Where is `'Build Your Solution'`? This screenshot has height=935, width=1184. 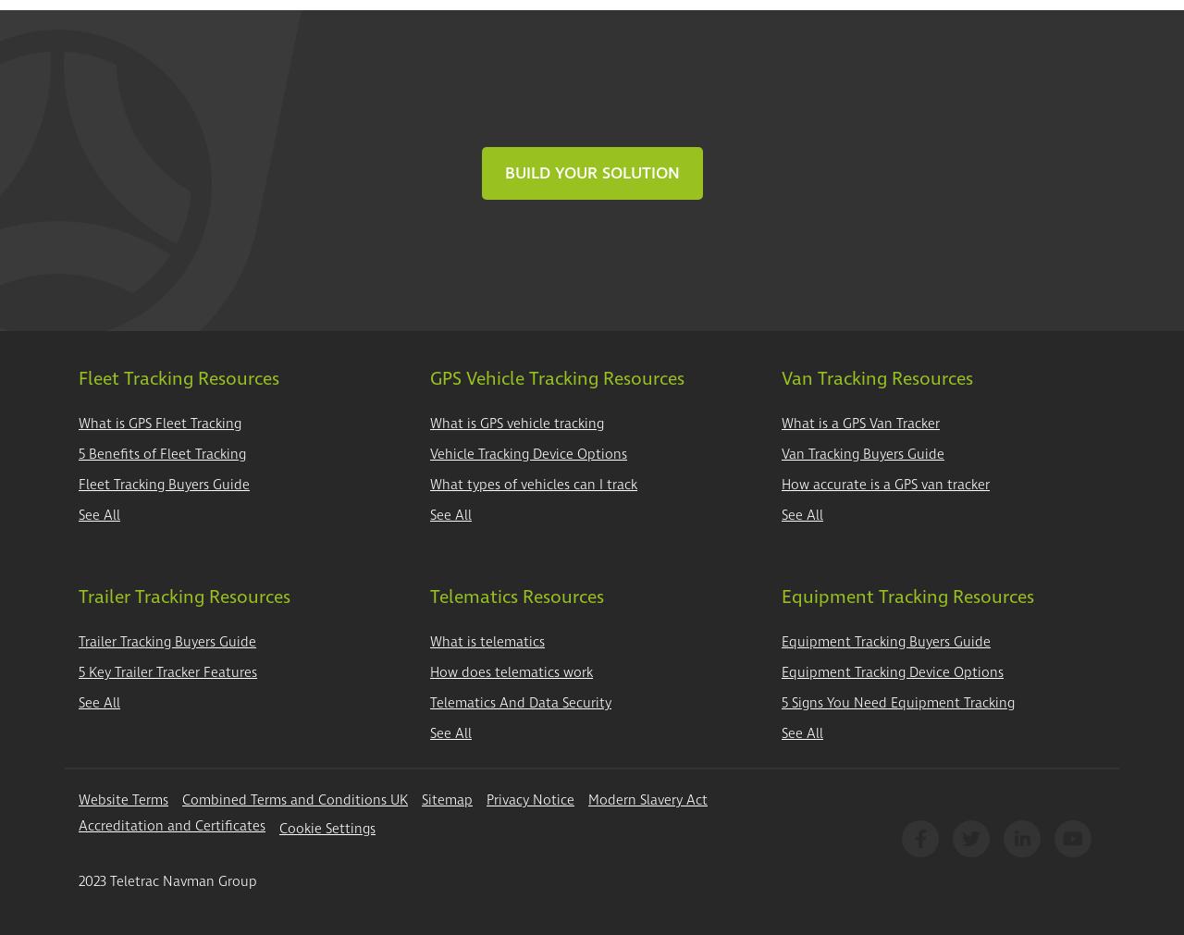 'Build Your Solution' is located at coordinates (590, 172).